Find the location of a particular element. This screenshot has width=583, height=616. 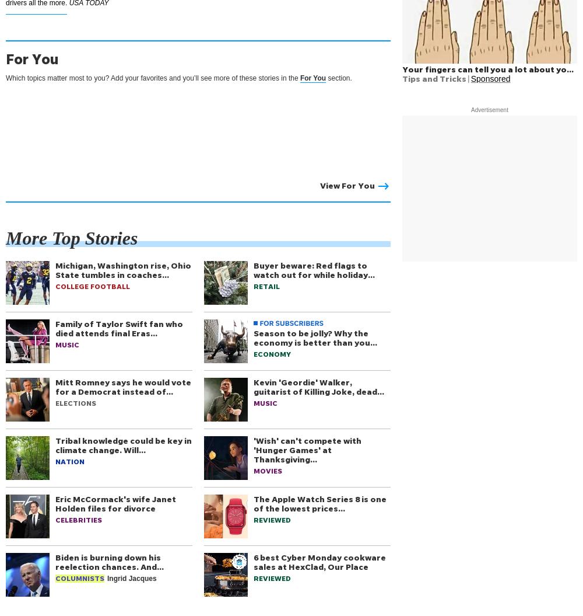

'6 best Cyber Monday cookware sales at HexClad, Our Place' is located at coordinates (319, 562).